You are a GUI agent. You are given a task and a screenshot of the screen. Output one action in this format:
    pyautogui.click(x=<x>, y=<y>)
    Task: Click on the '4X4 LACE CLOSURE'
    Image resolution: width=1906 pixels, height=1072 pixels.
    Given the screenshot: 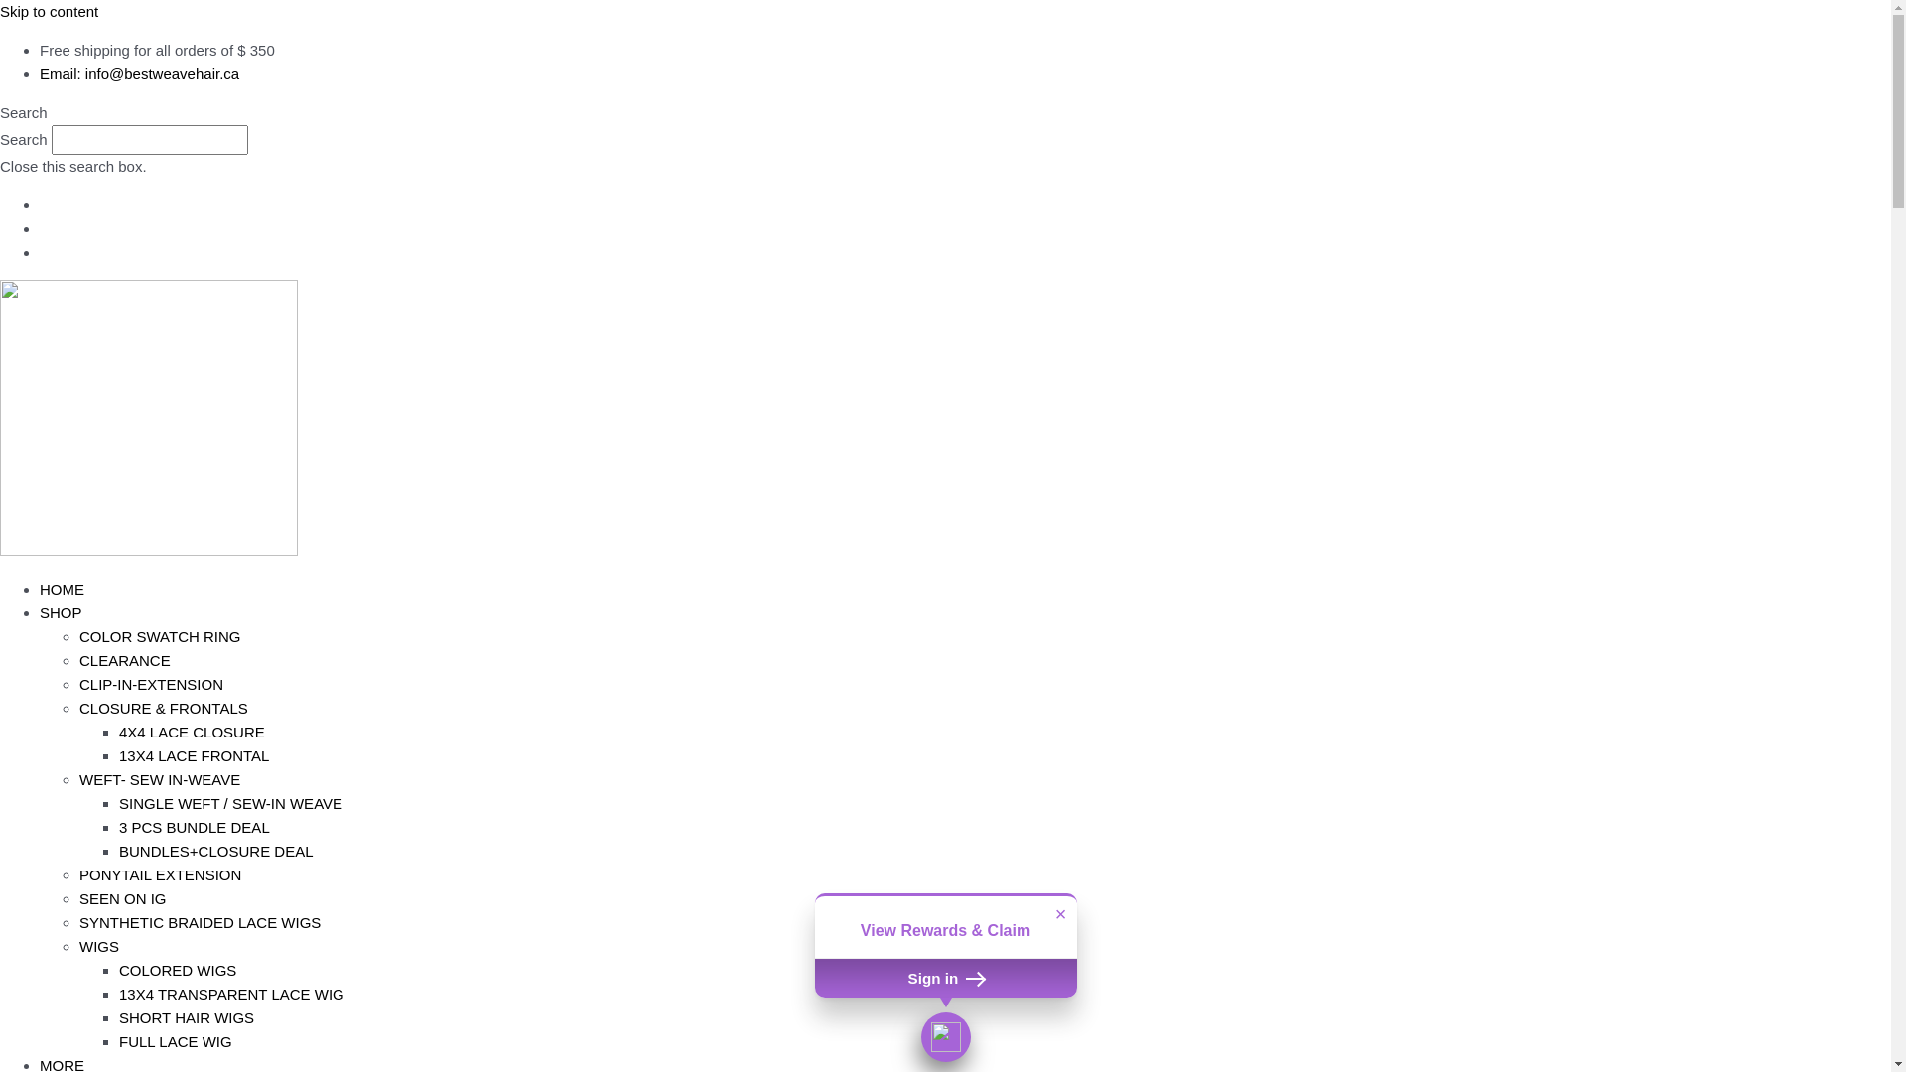 What is the action you would take?
    pyautogui.click(x=192, y=732)
    